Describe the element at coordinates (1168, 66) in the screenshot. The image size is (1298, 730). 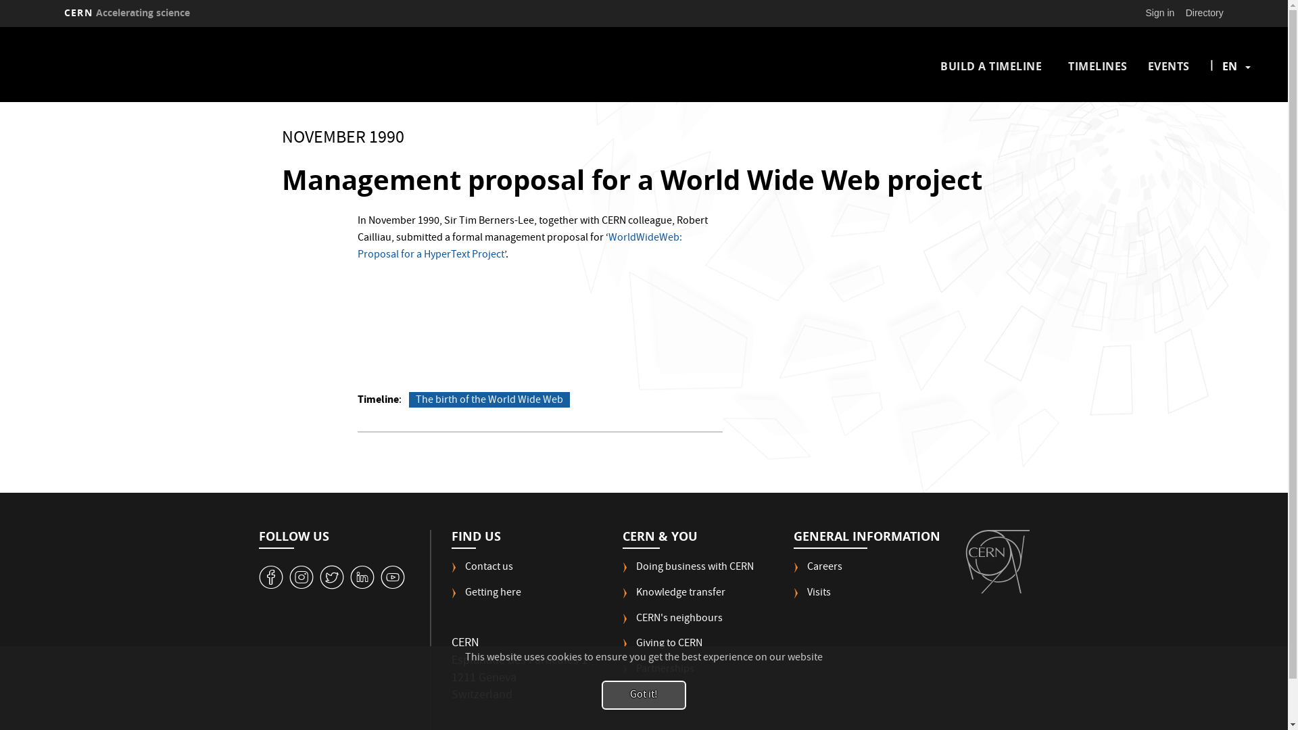
I see `'EVENTS'` at that location.